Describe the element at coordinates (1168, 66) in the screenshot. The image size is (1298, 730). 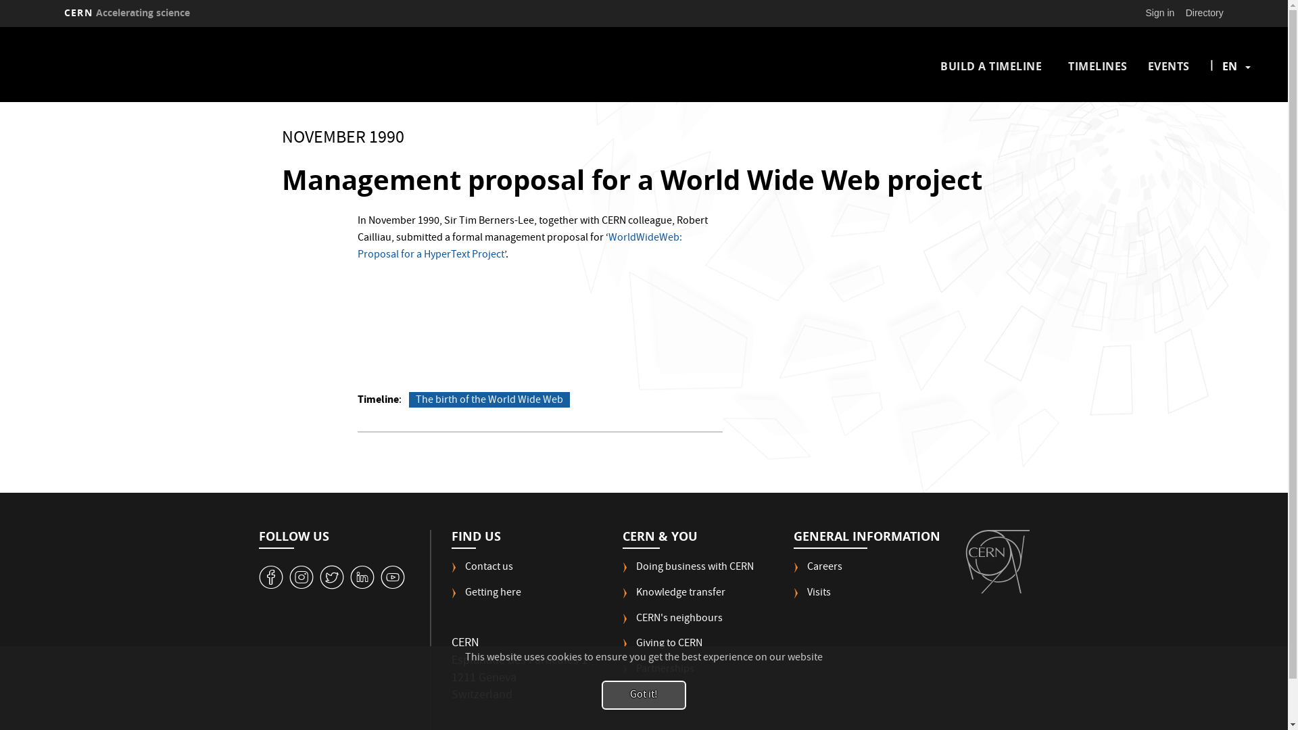
I see `'EVENTS'` at that location.